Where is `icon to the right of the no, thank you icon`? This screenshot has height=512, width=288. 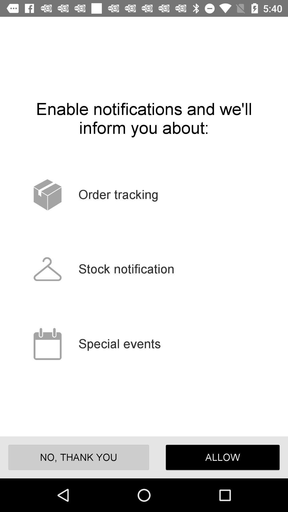 icon to the right of the no, thank you icon is located at coordinates (223, 457).